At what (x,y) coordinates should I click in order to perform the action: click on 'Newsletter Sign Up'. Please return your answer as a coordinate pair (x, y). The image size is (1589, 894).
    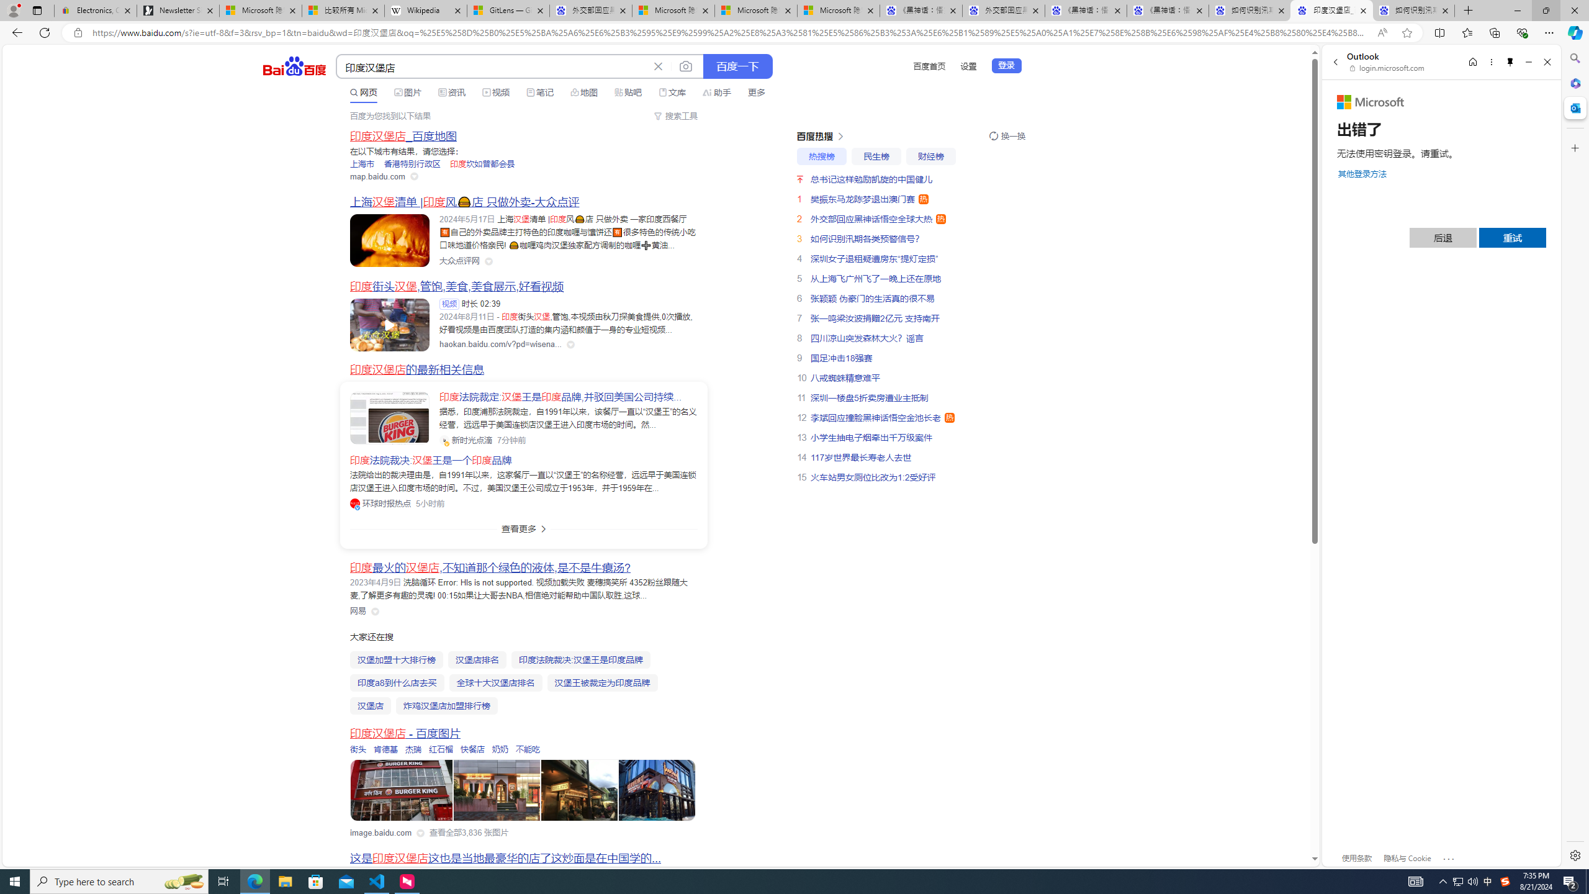
    Looking at the image, I should click on (177, 10).